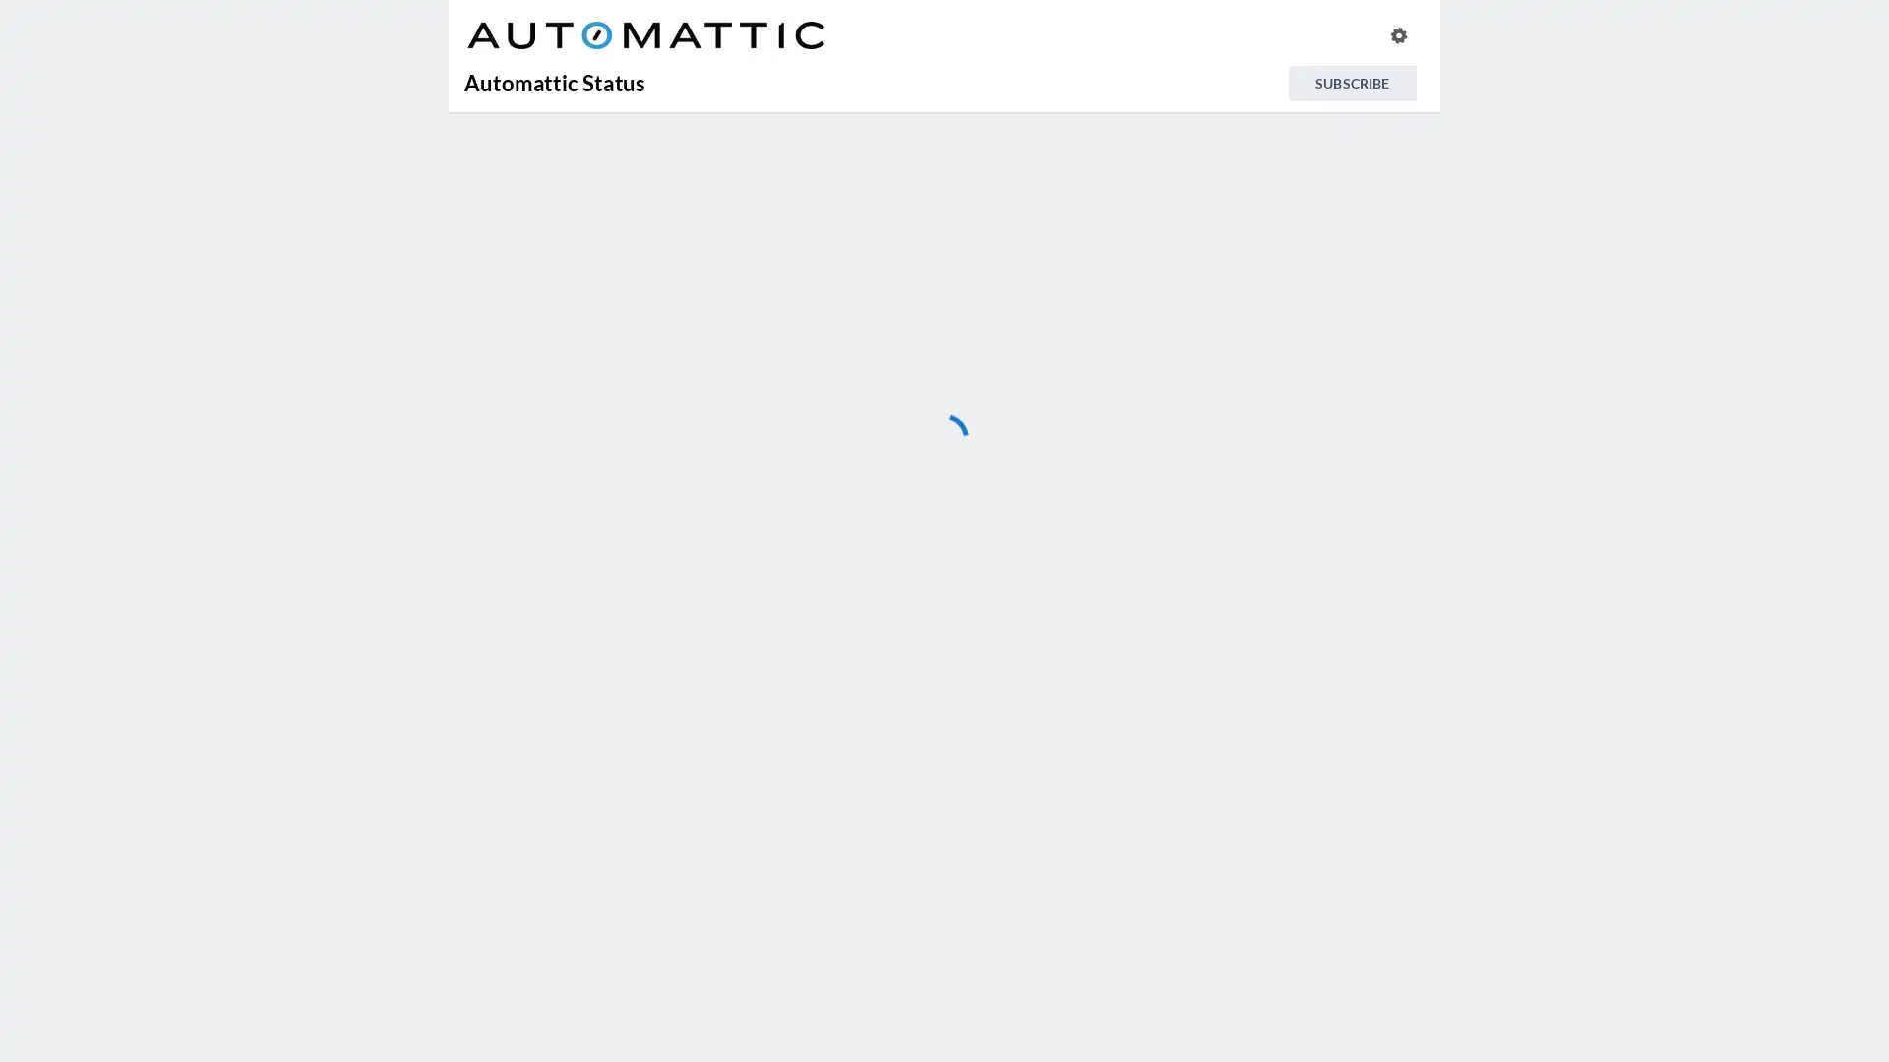 Image resolution: width=1889 pixels, height=1062 pixels. What do you see at coordinates (1351, 82) in the screenshot?
I see `SUBSCRIBE` at bounding box center [1351, 82].